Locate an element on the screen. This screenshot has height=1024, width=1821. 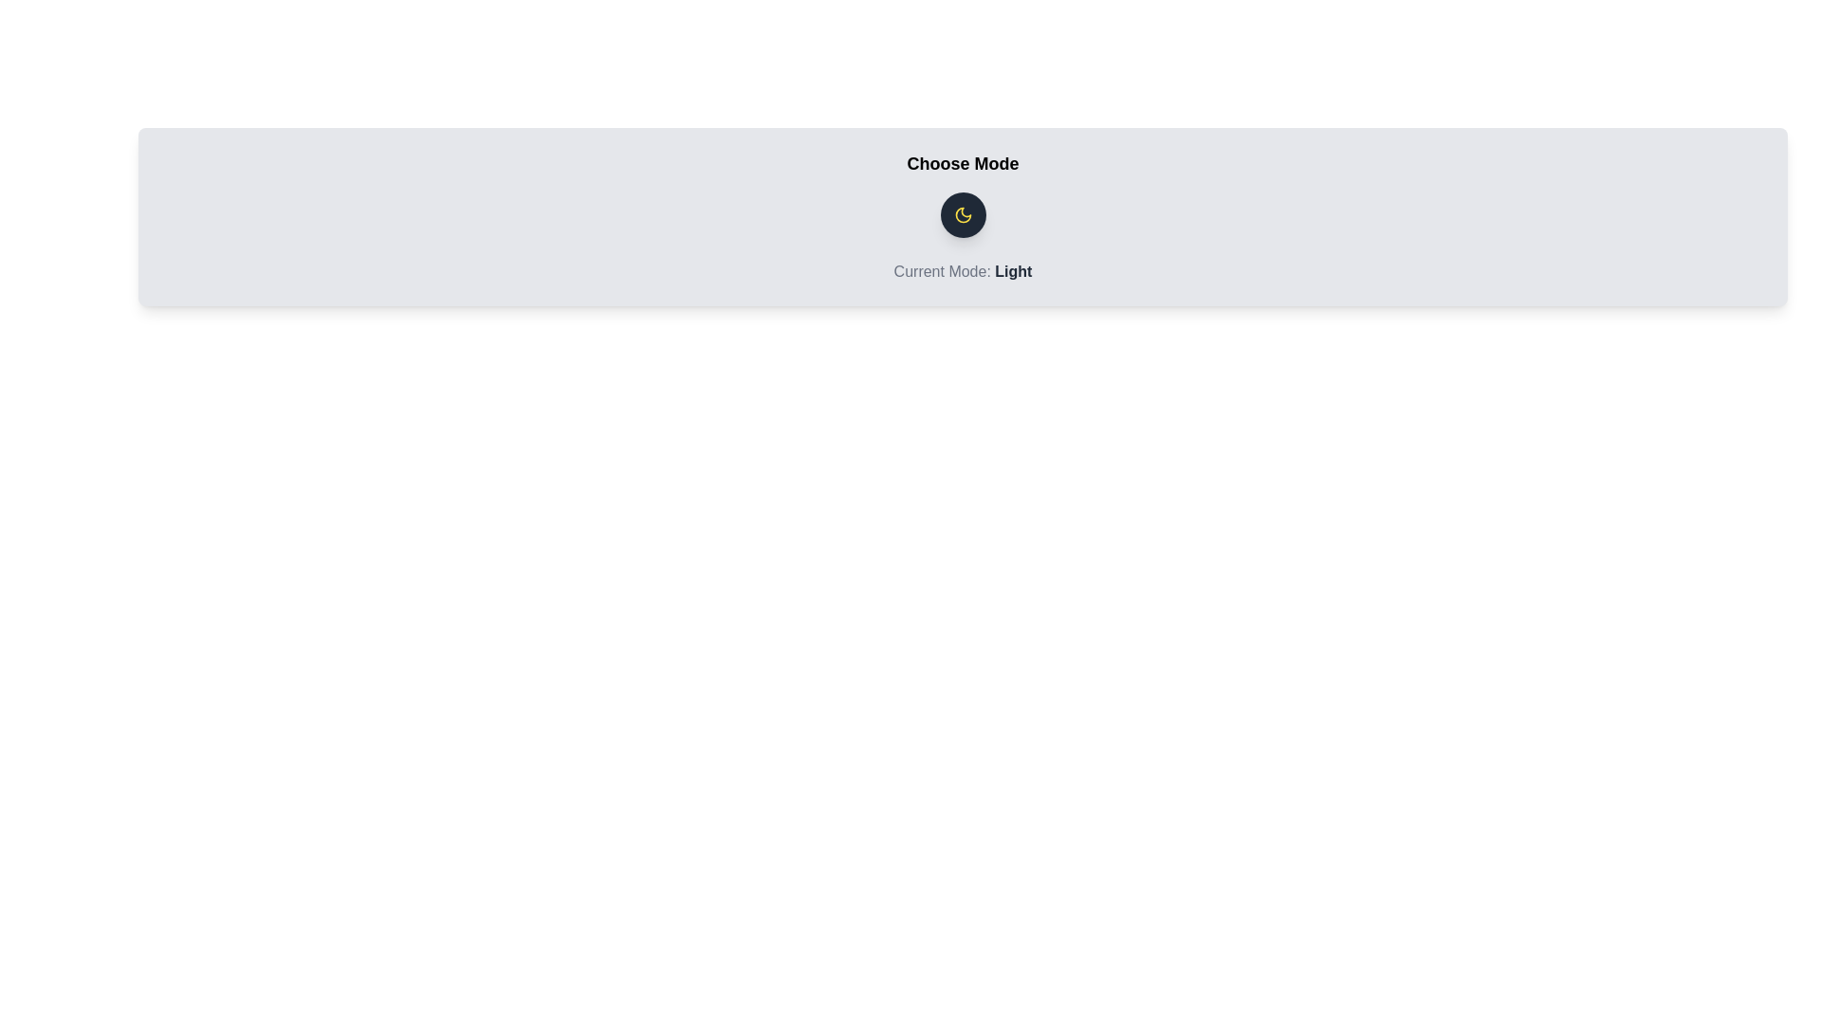
the mode toggle button to switch between light and dark modes is located at coordinates (963, 214).